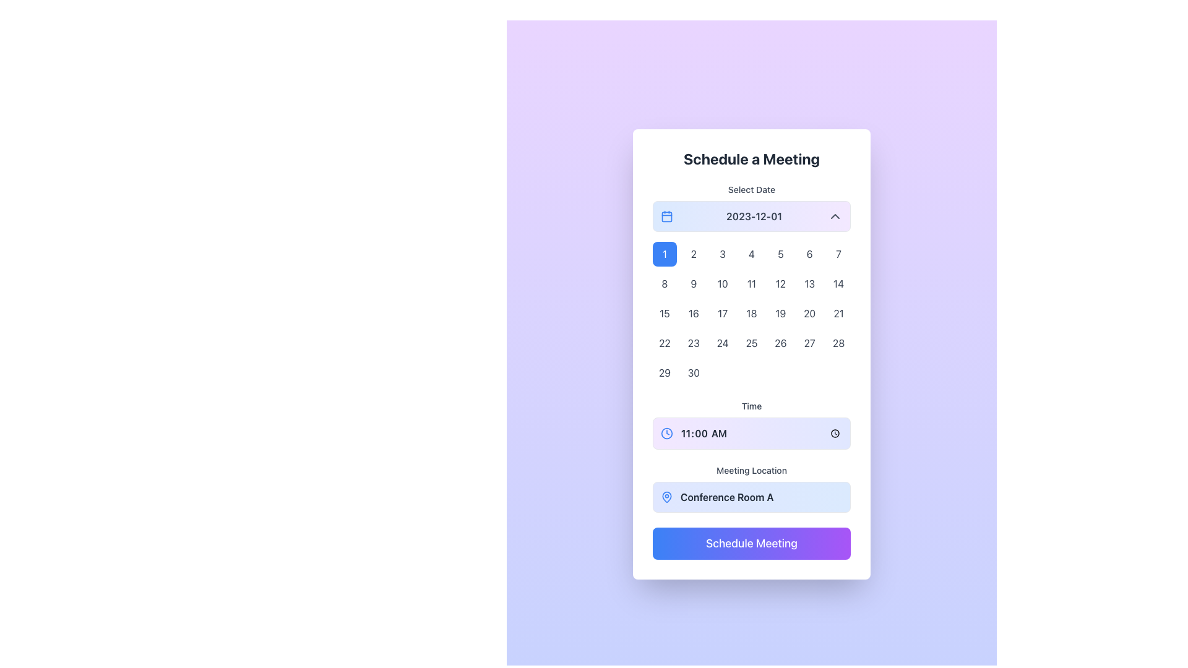  What do you see at coordinates (664, 284) in the screenshot?
I see `the button displaying the number '8', which is a rounded shape and located in the second row of the calendar grid` at bounding box center [664, 284].